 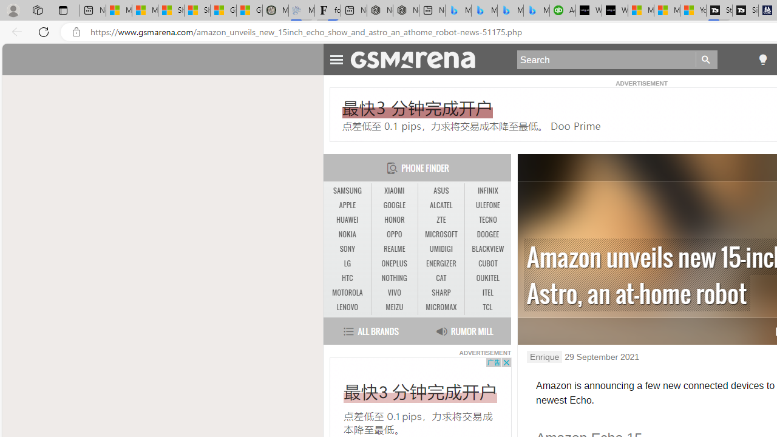 I want to click on 'ENERGIZER', so click(x=441, y=263).